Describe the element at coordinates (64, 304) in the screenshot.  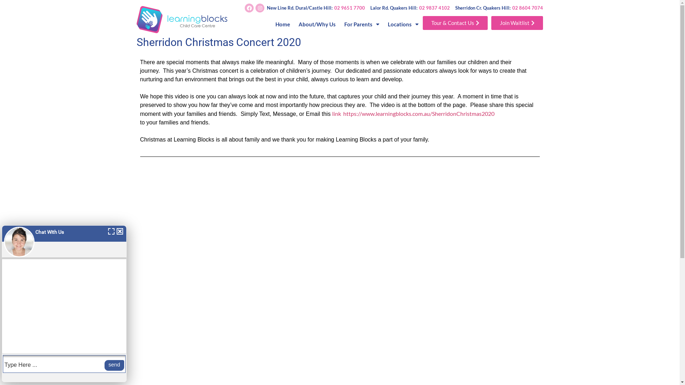
I see `'chat bot window'` at that location.